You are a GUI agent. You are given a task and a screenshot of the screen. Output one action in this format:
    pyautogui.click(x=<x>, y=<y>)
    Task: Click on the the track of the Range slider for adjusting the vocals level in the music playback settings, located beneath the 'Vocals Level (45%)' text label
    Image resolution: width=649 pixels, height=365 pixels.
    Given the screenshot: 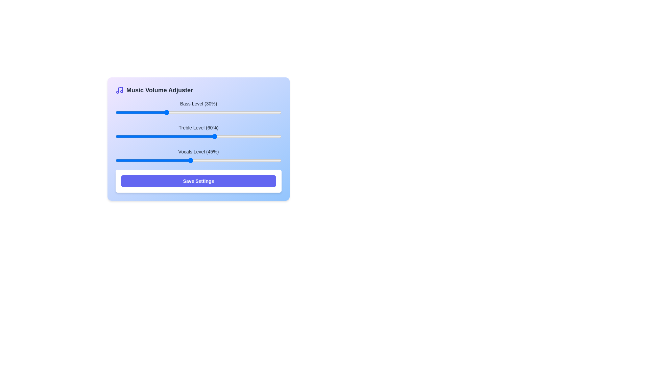 What is the action you would take?
    pyautogui.click(x=198, y=160)
    